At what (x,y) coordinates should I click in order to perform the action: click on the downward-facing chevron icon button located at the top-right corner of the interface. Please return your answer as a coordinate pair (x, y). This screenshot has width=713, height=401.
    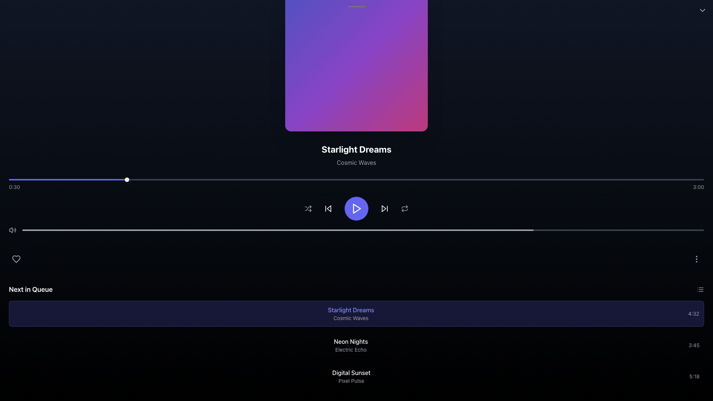
    Looking at the image, I should click on (702, 10).